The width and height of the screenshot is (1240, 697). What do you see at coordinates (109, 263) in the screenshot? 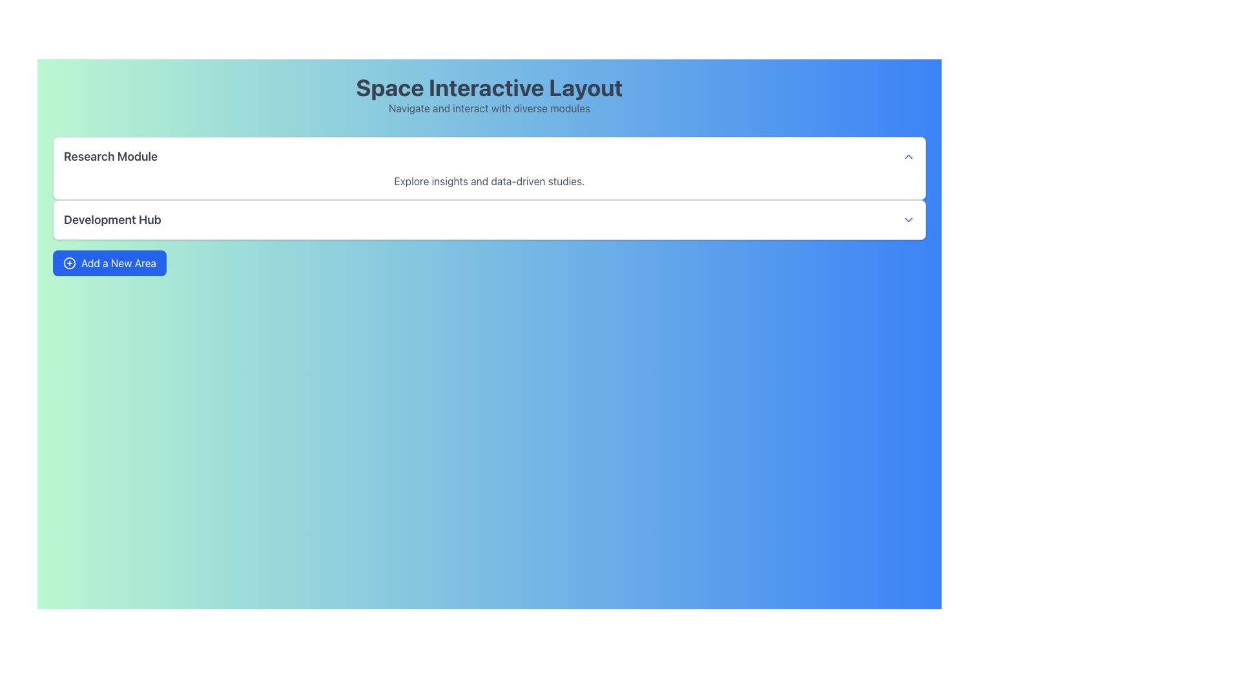
I see `the 'Add a New Area' button with a blue background and white text located at the bottom of the 'Development Hub' section` at bounding box center [109, 263].